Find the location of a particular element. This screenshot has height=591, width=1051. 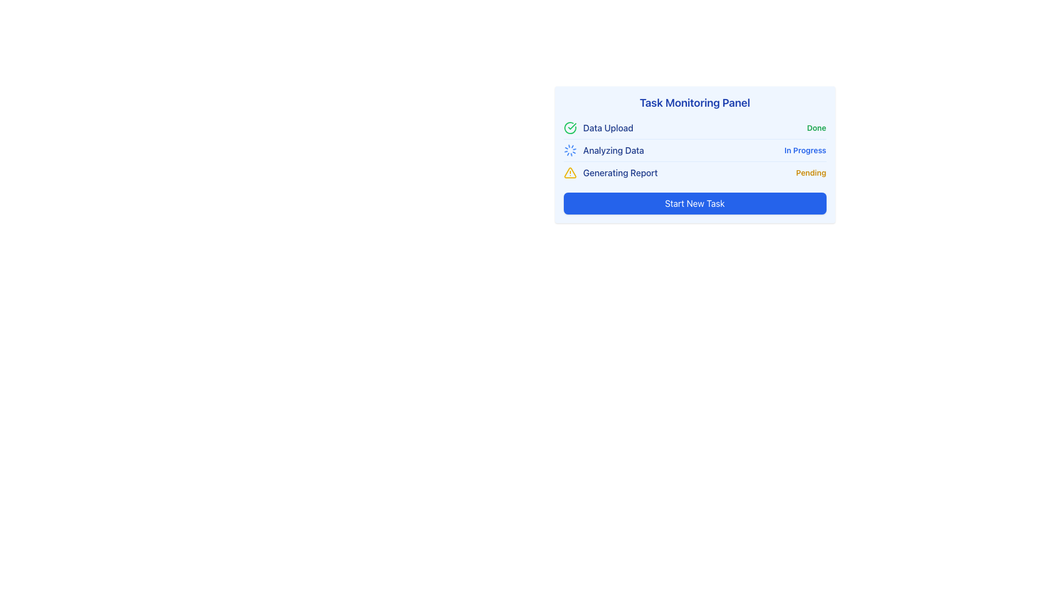

text of the text label 'Data Upload' styled with dark blue font color and medium font weight, located next to a green checkmark icon in the task list is located at coordinates (608, 128).